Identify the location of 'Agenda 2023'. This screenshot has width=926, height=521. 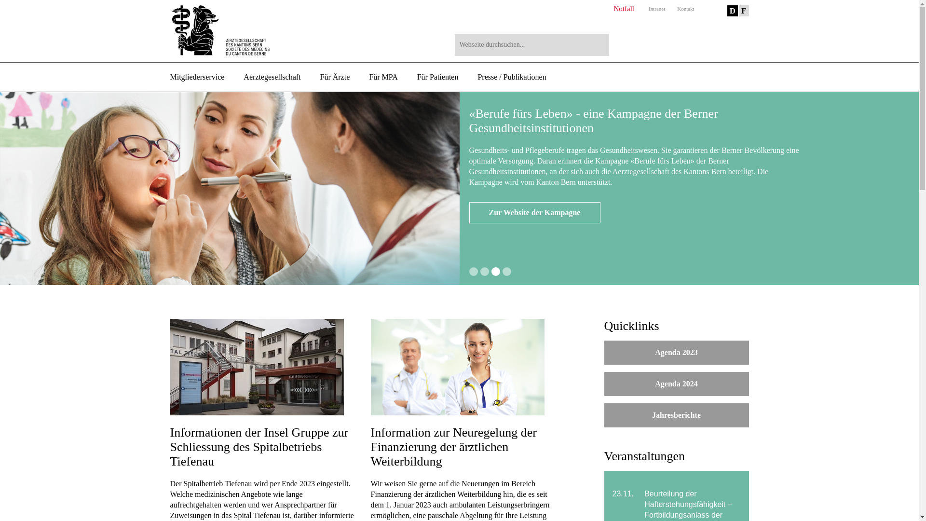
(603, 353).